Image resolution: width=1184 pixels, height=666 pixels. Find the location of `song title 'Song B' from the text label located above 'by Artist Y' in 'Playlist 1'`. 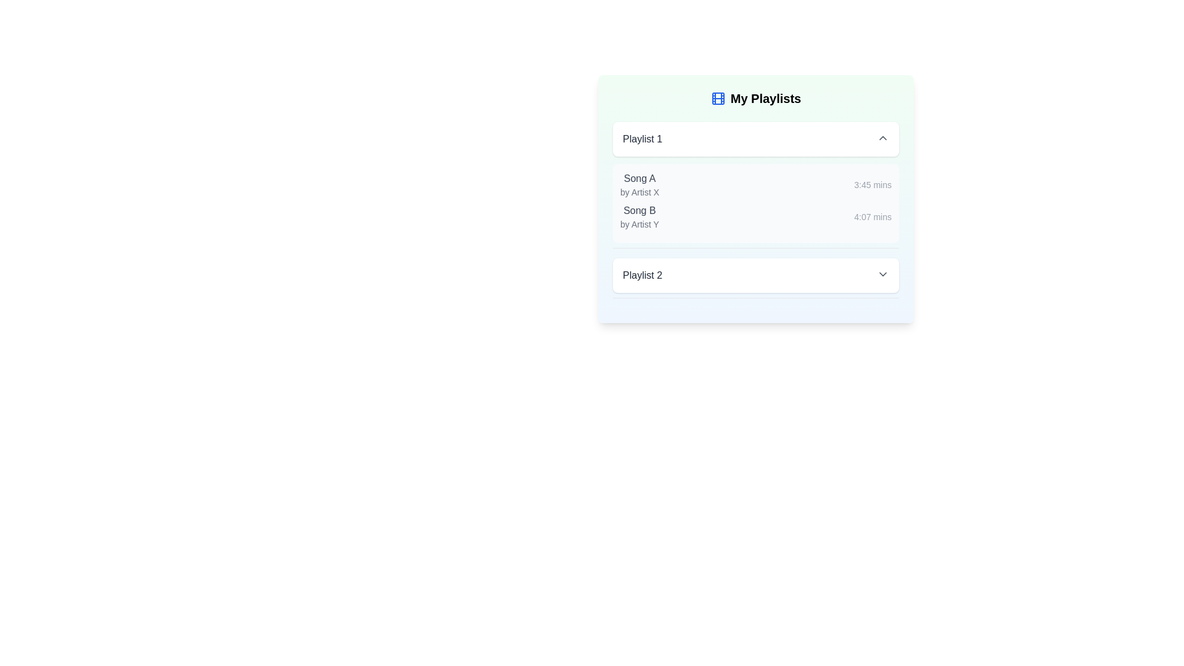

song title 'Song B' from the text label located above 'by Artist Y' in 'Playlist 1' is located at coordinates (639, 210).